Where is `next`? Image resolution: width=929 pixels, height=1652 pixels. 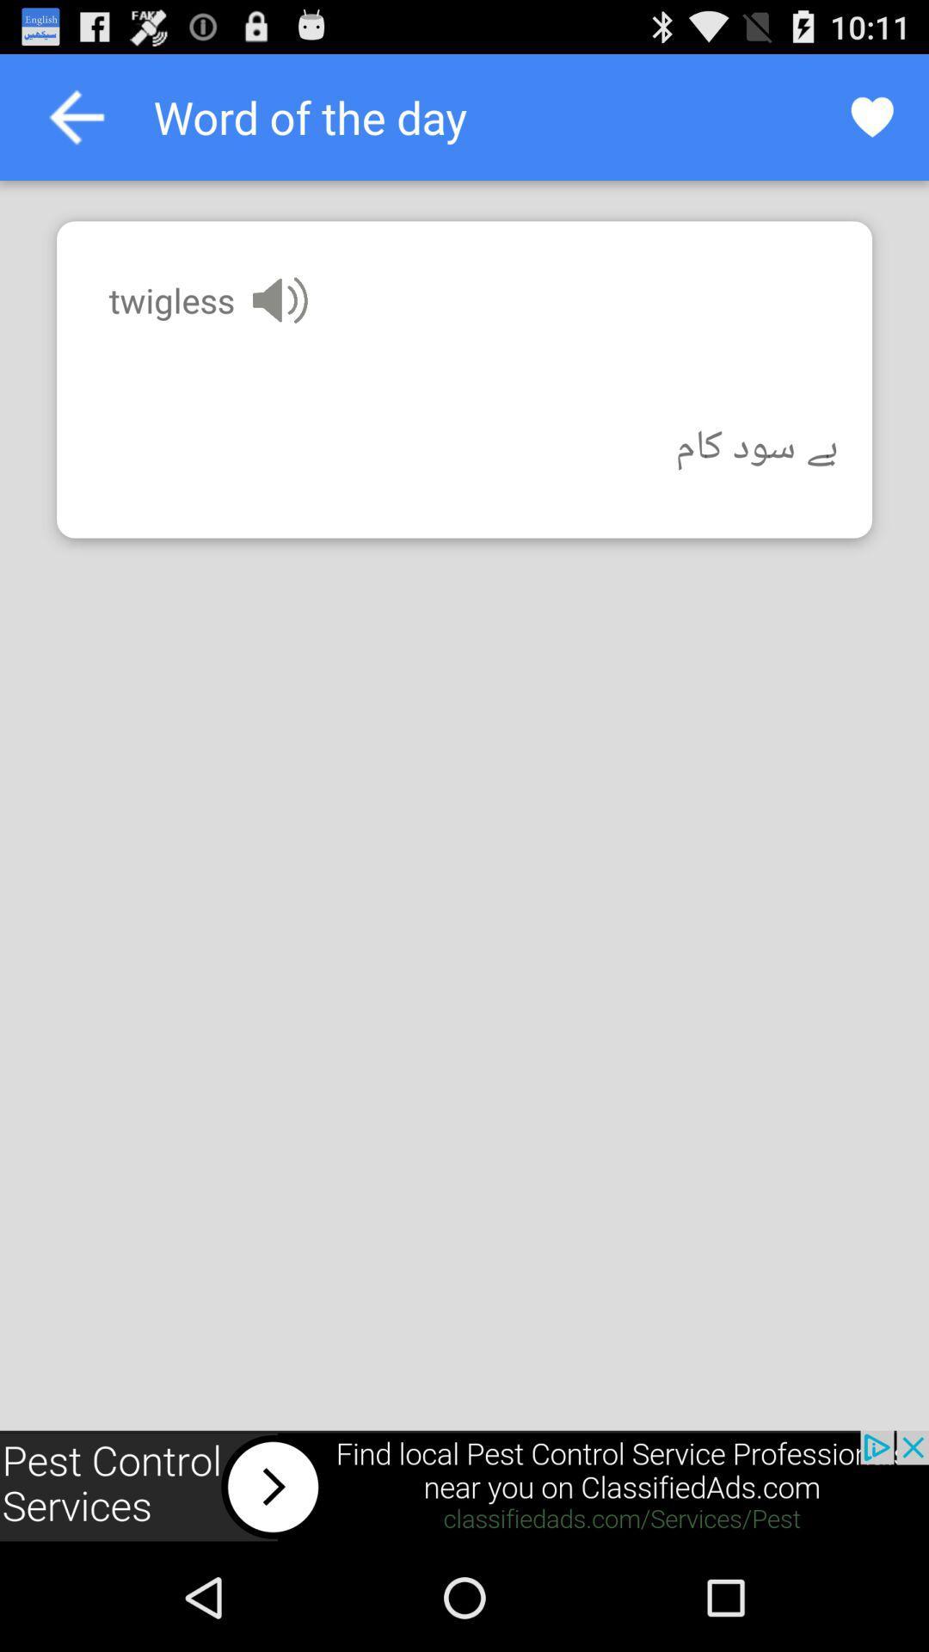 next is located at coordinates (464, 1486).